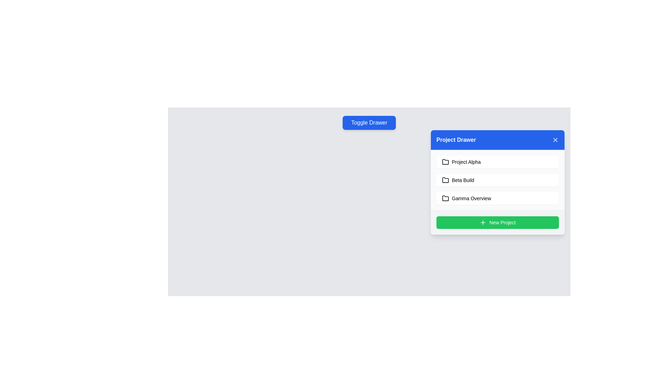 The width and height of the screenshot is (672, 378). What do you see at coordinates (497, 198) in the screenshot?
I see `the 'Gamma Overview' button, which is the third item in the 'Project Drawer' list` at bounding box center [497, 198].